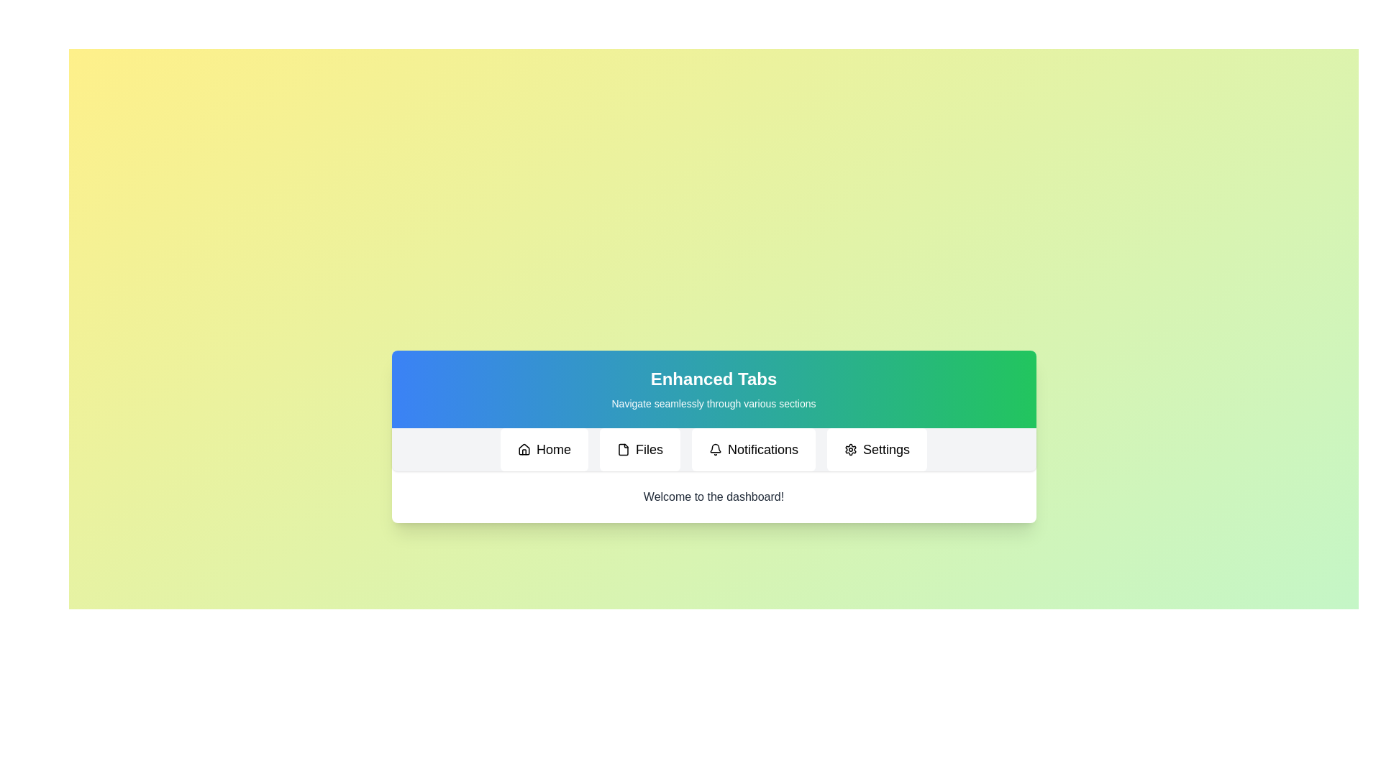  Describe the element at coordinates (885, 448) in the screenshot. I see `the Settings tab label, which is located at the far-right of the horizontal row of tabs under 'Enhanced Tabs'` at that location.